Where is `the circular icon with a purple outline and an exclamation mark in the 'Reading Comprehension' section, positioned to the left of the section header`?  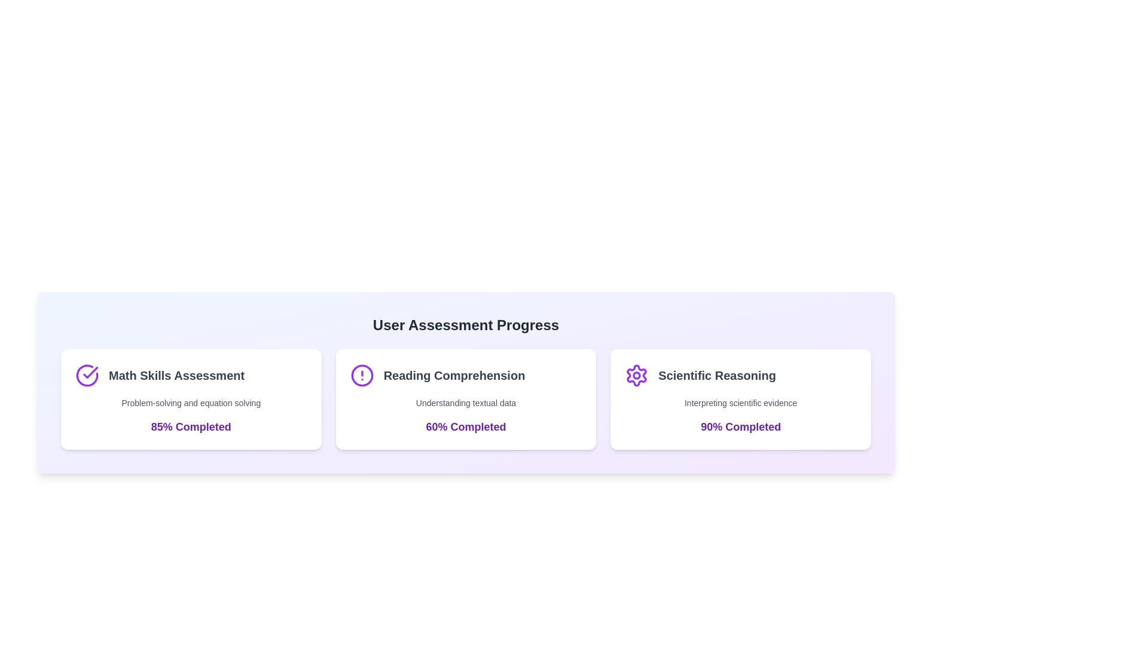
the circular icon with a purple outline and an exclamation mark in the 'Reading Comprehension' section, positioned to the left of the section header is located at coordinates (361, 375).